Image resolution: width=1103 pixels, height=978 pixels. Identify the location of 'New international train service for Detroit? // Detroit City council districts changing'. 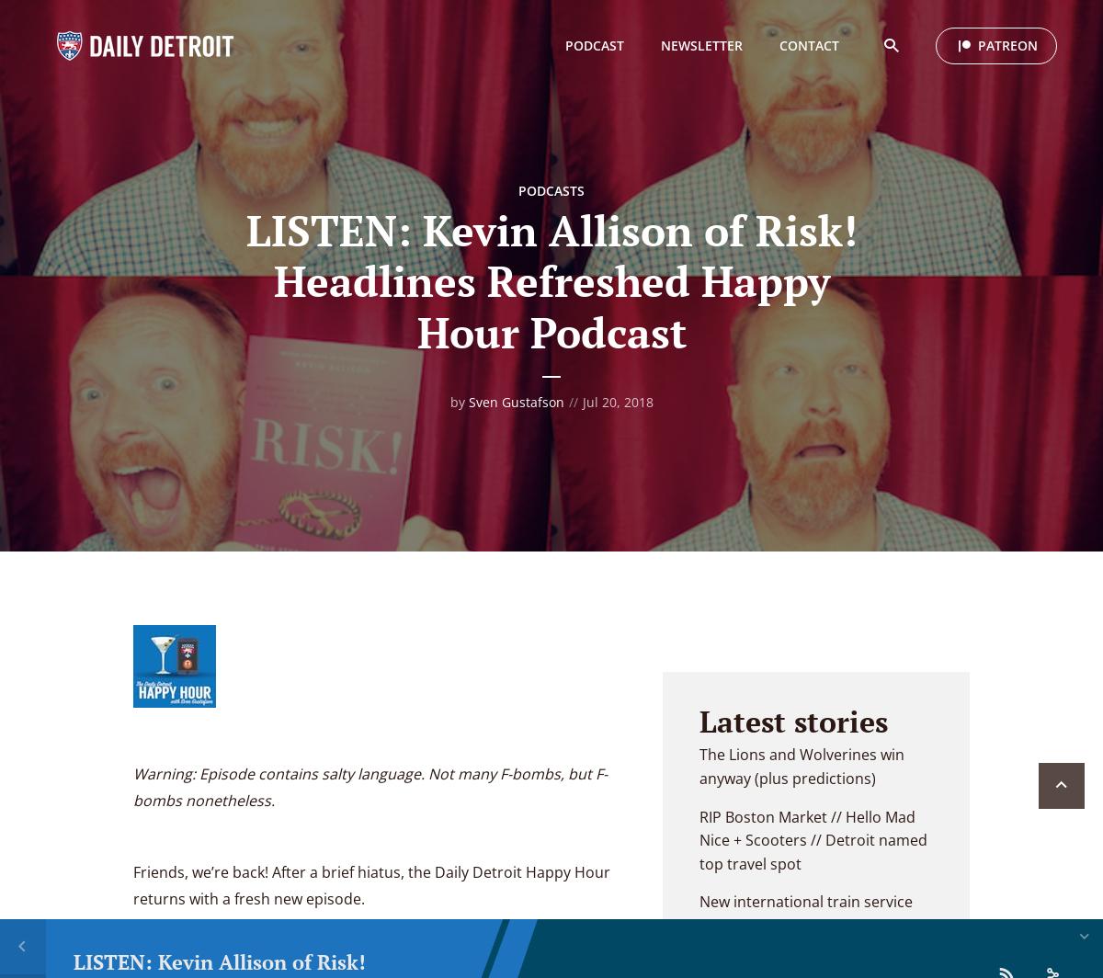
(813, 925).